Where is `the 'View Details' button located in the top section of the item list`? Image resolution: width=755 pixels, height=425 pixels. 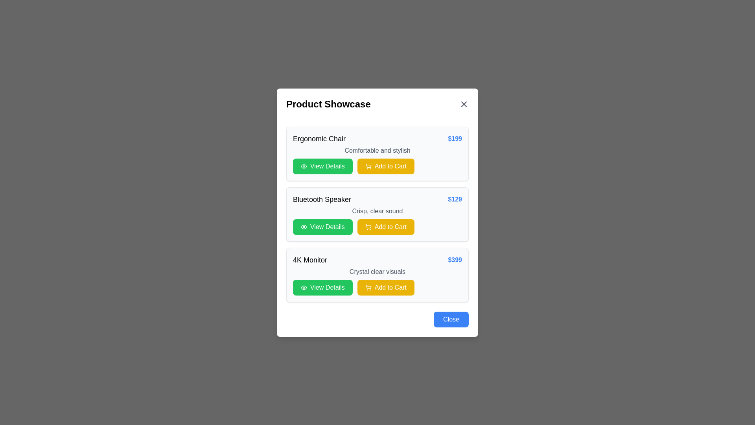
the 'View Details' button located in the top section of the item list is located at coordinates (322, 166).